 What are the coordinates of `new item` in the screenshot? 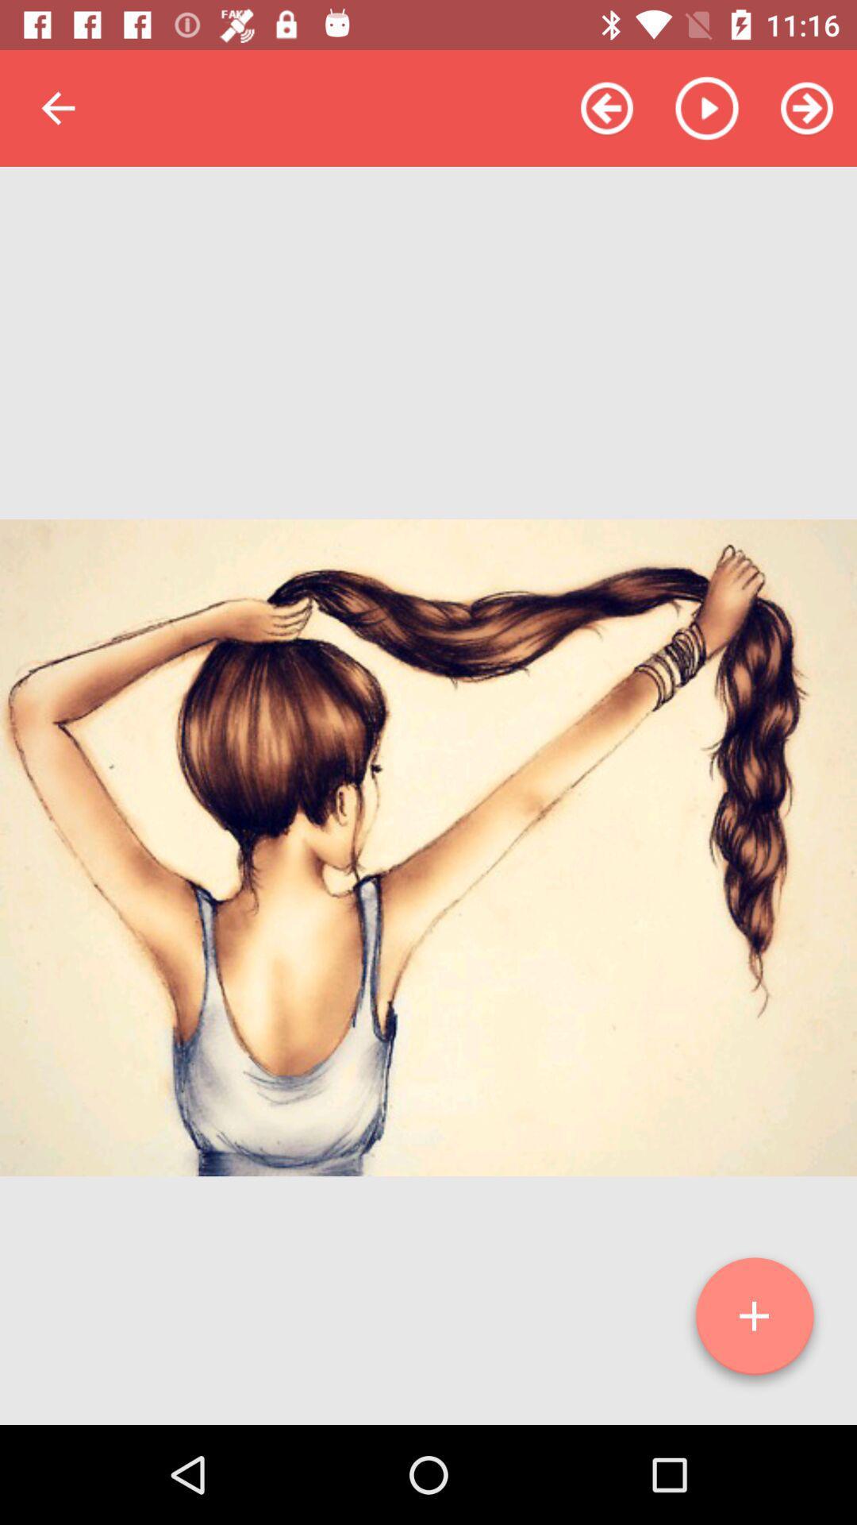 It's located at (754, 1322).